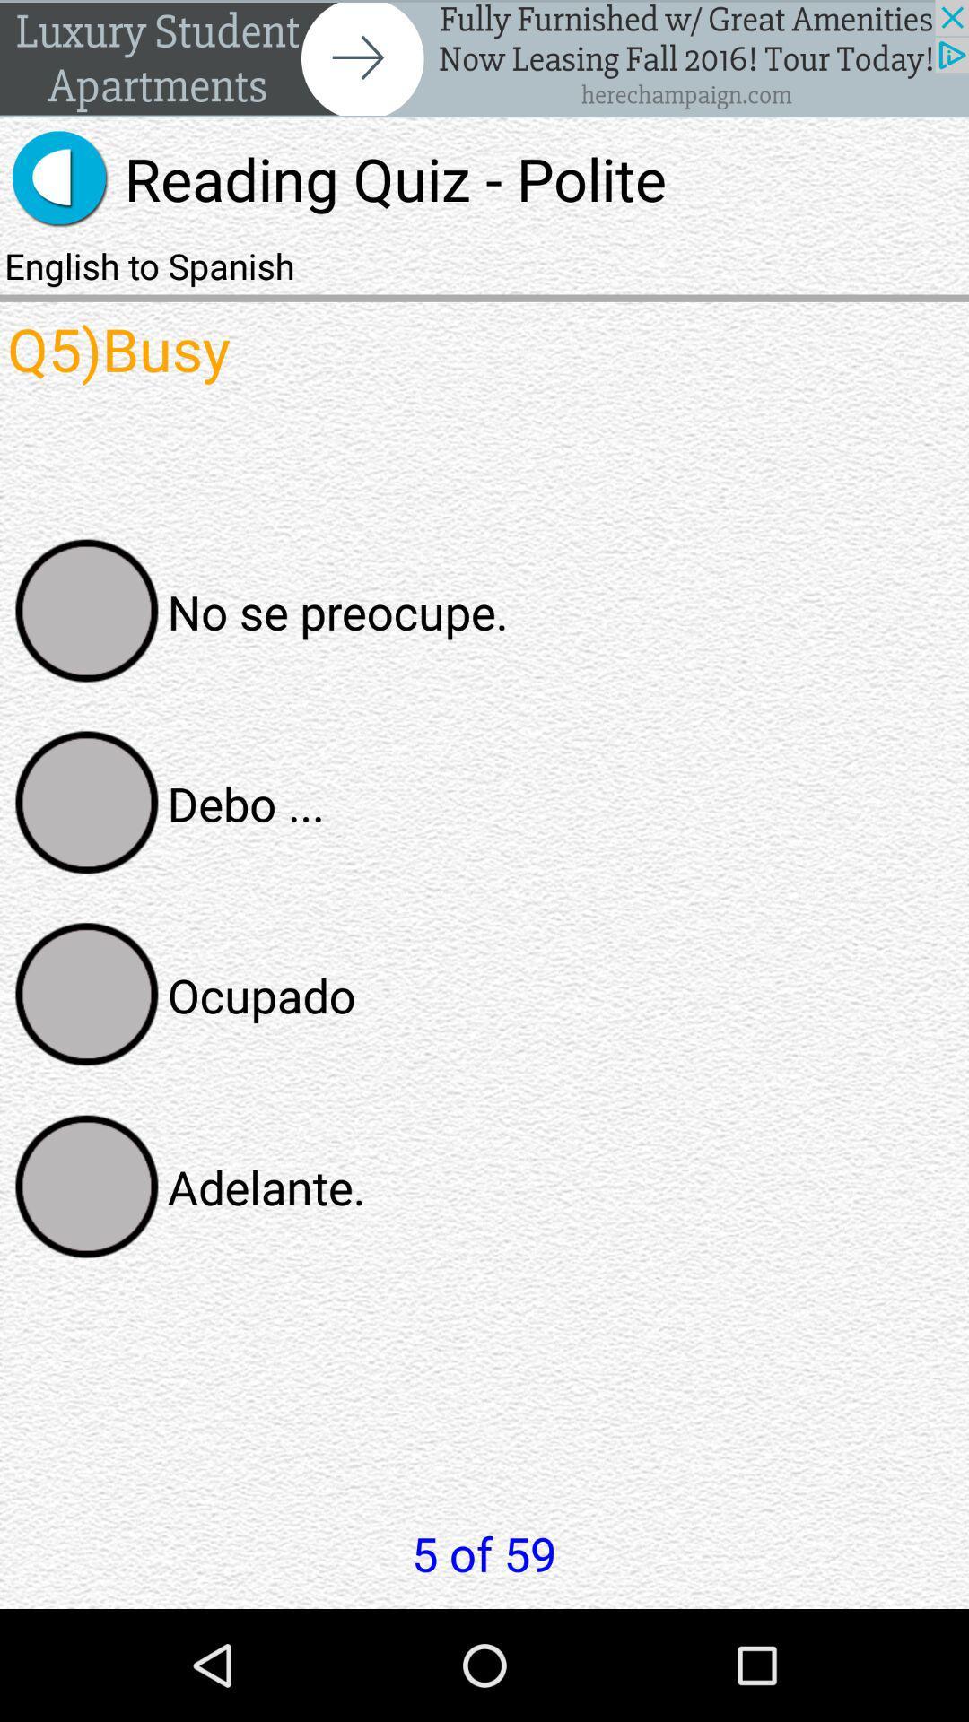 The width and height of the screenshot is (969, 1722). I want to click on next the, so click(484, 58).